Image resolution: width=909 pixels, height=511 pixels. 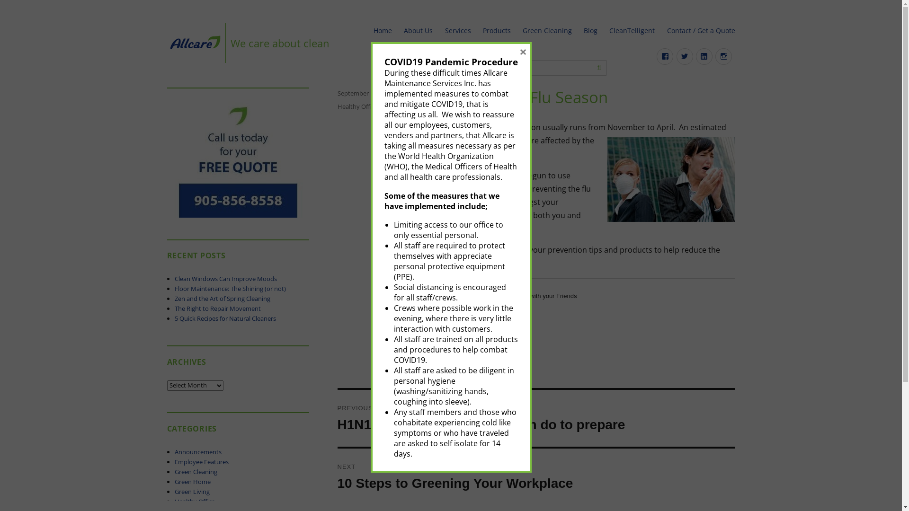 I want to click on 'Healthy Office', so click(x=356, y=106).